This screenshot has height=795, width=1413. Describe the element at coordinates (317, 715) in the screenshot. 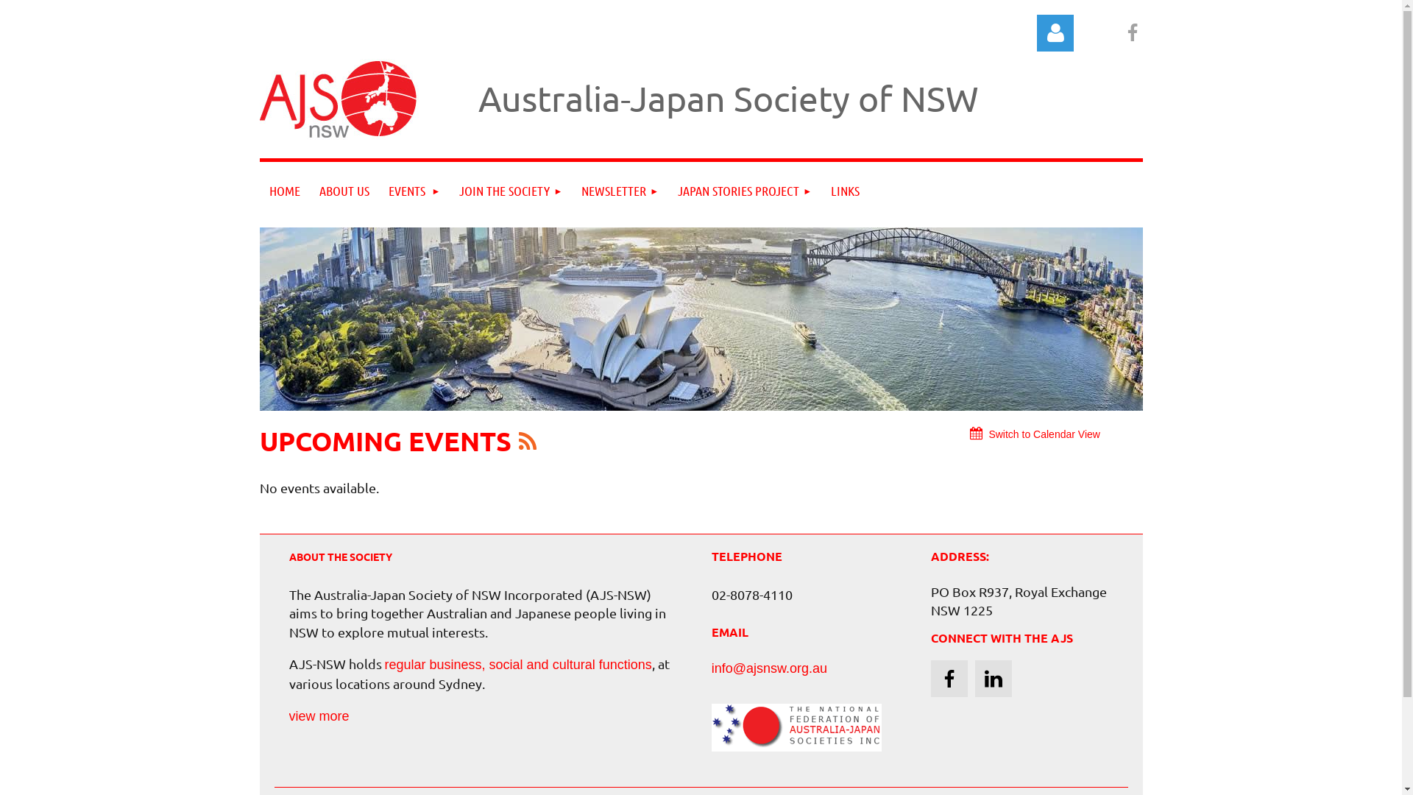

I see `'view more'` at that location.